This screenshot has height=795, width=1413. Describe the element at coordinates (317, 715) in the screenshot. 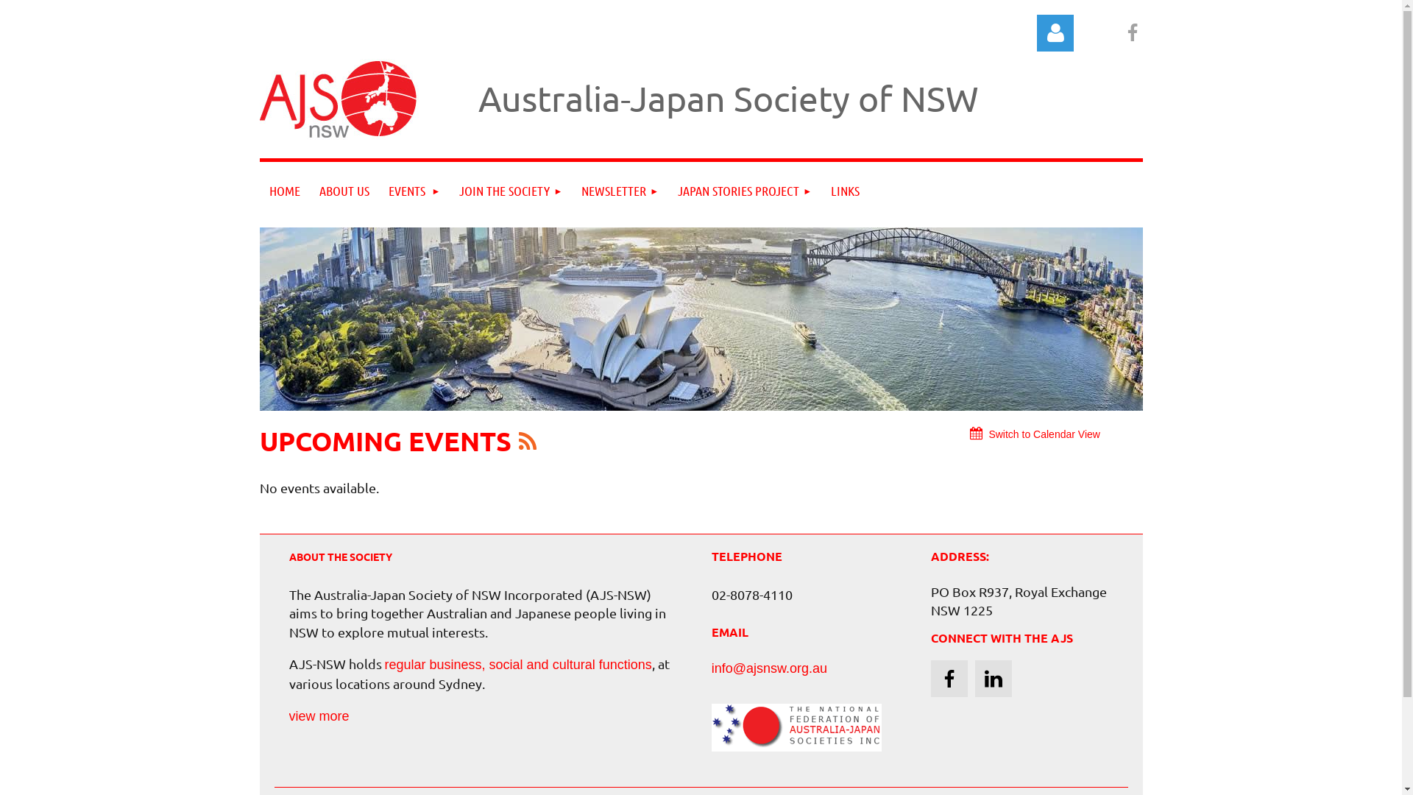

I see `'view more'` at that location.